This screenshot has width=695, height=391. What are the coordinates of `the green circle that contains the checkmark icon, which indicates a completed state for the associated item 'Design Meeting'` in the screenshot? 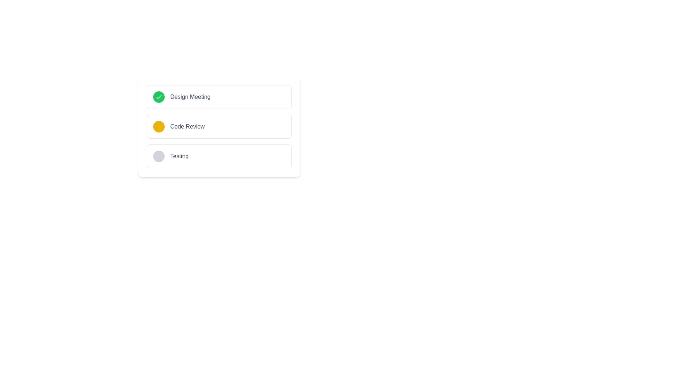 It's located at (158, 96).